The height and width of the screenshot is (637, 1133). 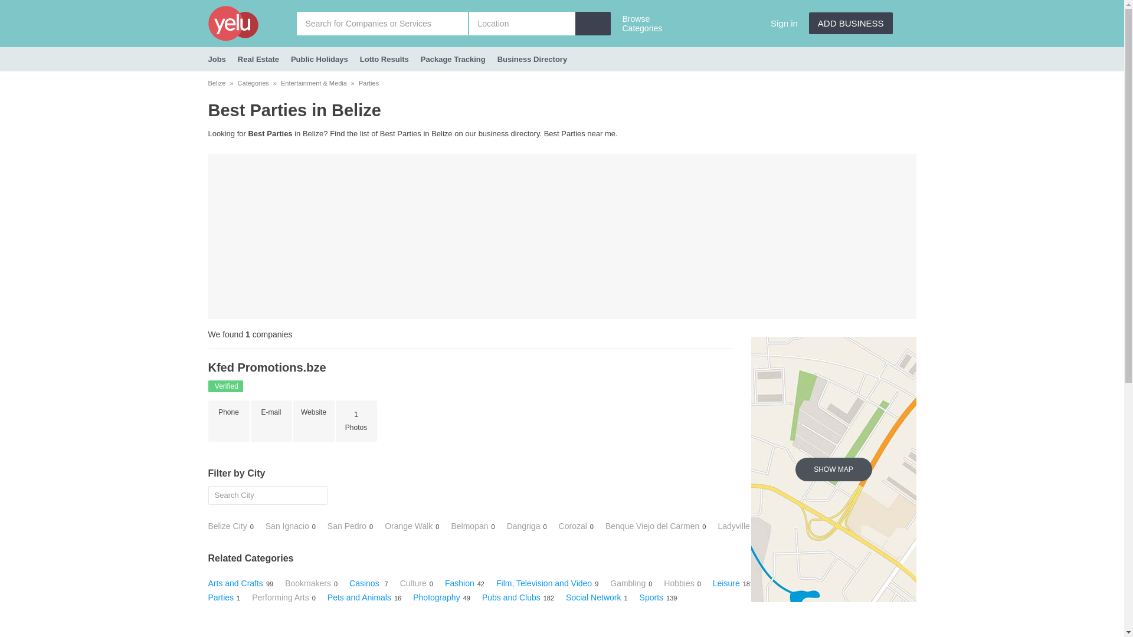 What do you see at coordinates (532, 59) in the screenshot?
I see `'Business Directory'` at bounding box center [532, 59].